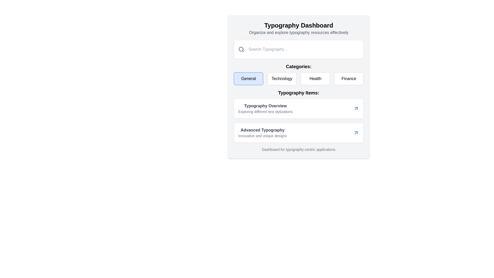 This screenshot has height=278, width=494. I want to click on the text label that serves as the title for the second list item in the 'Typography Items' section, so click(262, 130).